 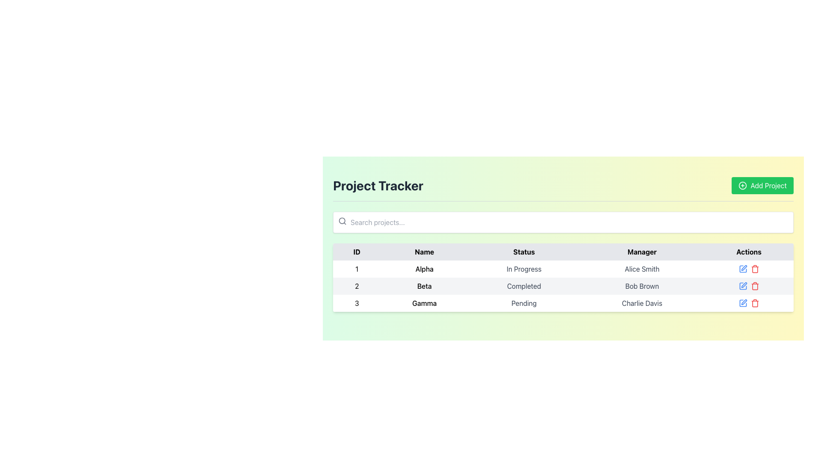 What do you see at coordinates (357, 303) in the screenshot?
I see `the static text label displaying the numeric character '3' in the first cell of the third row under the 'ID' column of the table for the project identified as 'Gamma'` at bounding box center [357, 303].